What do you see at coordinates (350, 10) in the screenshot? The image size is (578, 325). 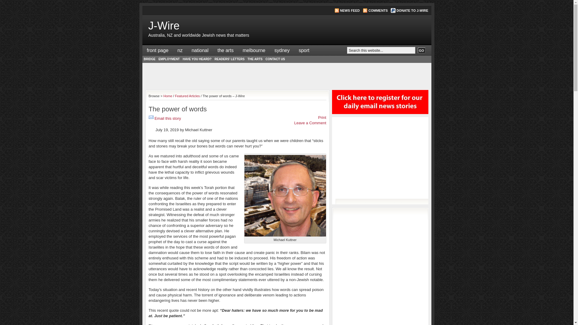 I see `'NEWS FEED'` at bounding box center [350, 10].